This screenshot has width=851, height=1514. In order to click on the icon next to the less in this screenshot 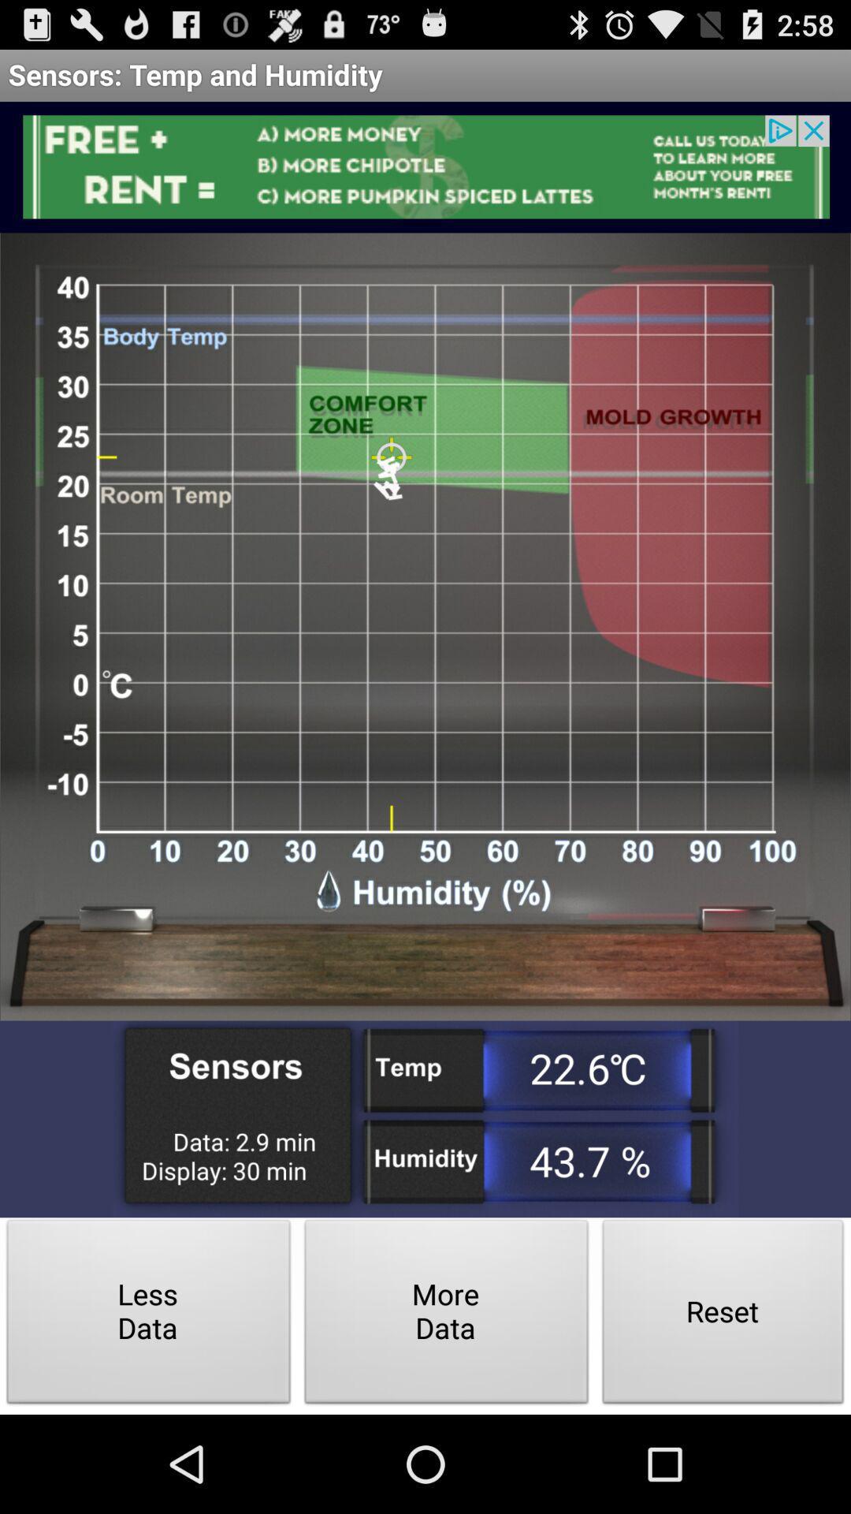, I will do `click(447, 1316)`.